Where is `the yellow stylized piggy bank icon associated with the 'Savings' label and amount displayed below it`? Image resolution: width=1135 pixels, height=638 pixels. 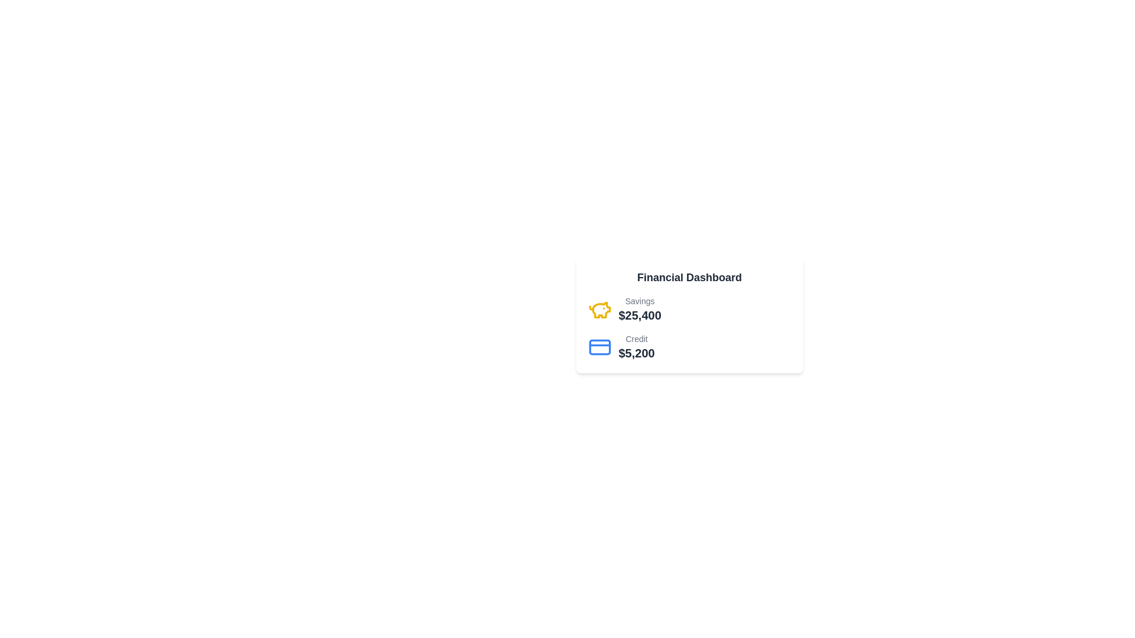
the yellow stylized piggy bank icon associated with the 'Savings' label and amount displayed below it is located at coordinates (599, 309).